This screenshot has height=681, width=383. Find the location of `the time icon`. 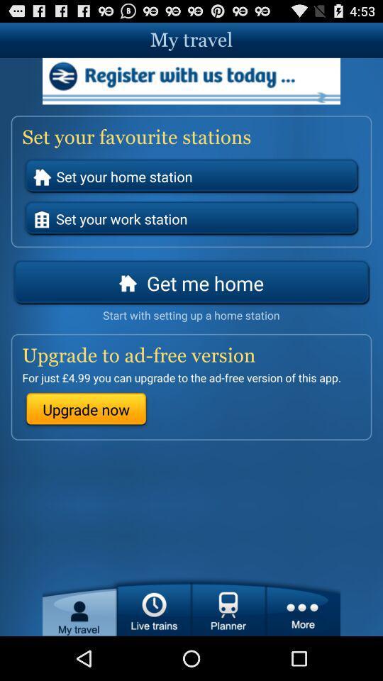

the time icon is located at coordinates (153, 648).